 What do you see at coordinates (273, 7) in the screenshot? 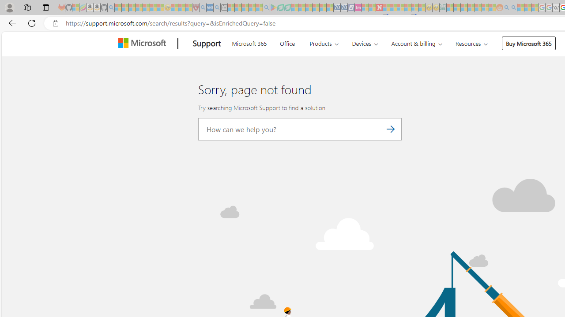
I see `'Bluey: Let'` at bounding box center [273, 7].